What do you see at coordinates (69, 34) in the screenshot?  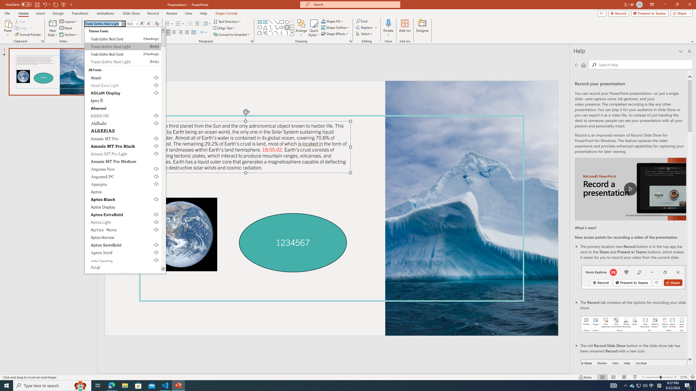 I see `'Section'` at bounding box center [69, 34].